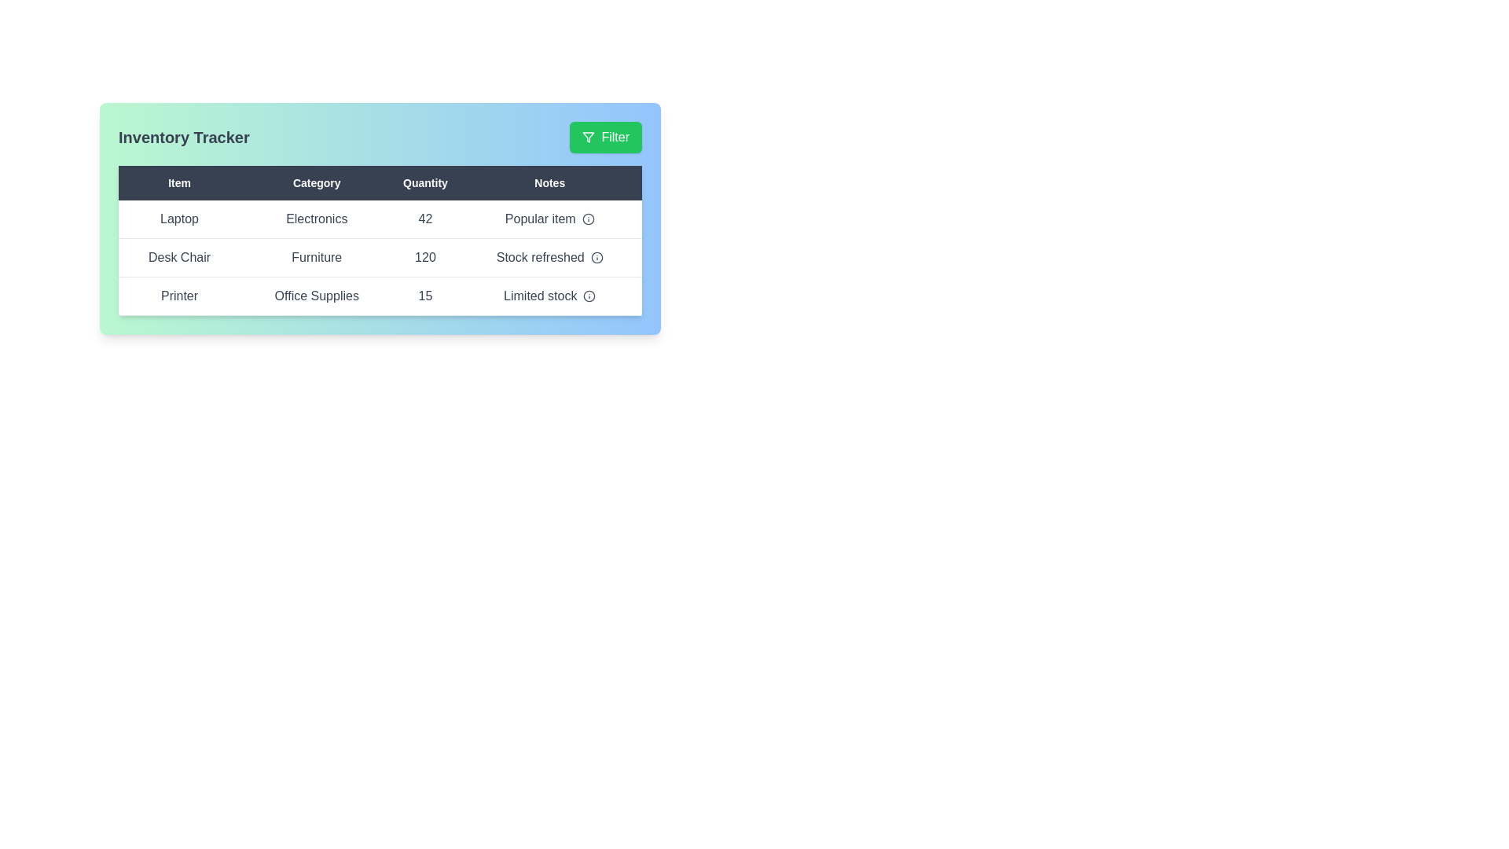 This screenshot has height=849, width=1509. What do you see at coordinates (549, 256) in the screenshot?
I see `the cell containing Stock refreshed to select its text` at bounding box center [549, 256].